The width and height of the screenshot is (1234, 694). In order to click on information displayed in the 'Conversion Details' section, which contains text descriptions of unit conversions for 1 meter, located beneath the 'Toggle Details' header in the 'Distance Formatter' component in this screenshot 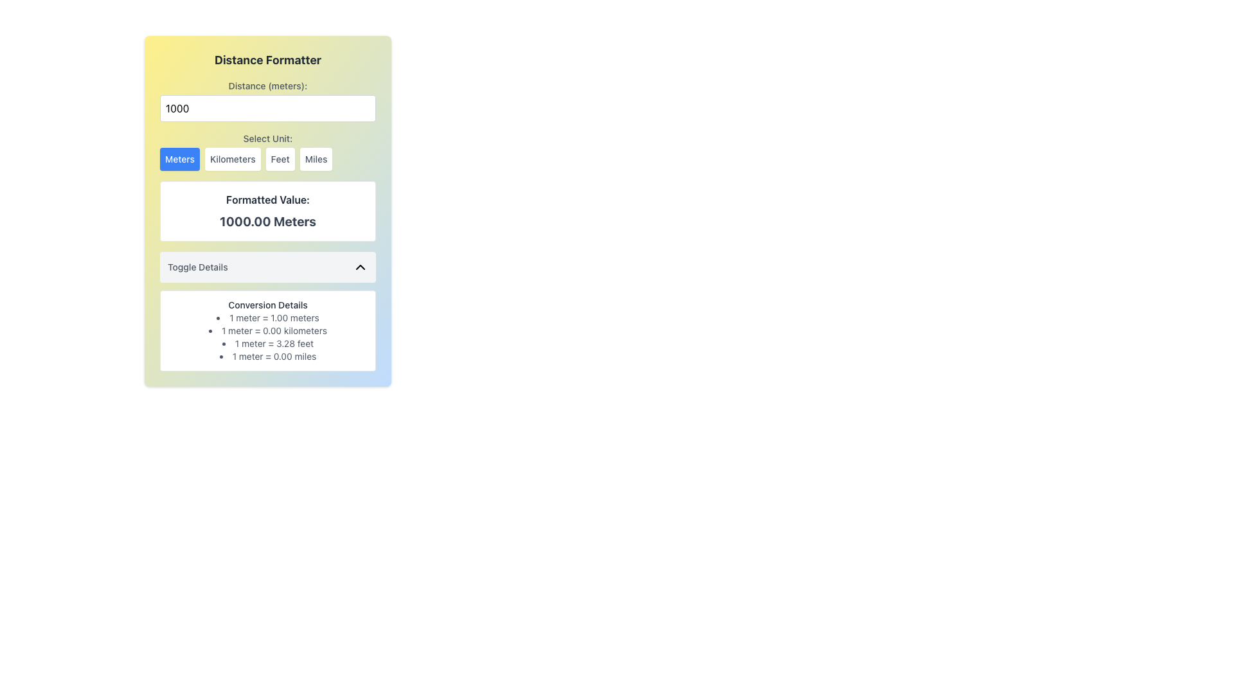, I will do `click(267, 312)`.